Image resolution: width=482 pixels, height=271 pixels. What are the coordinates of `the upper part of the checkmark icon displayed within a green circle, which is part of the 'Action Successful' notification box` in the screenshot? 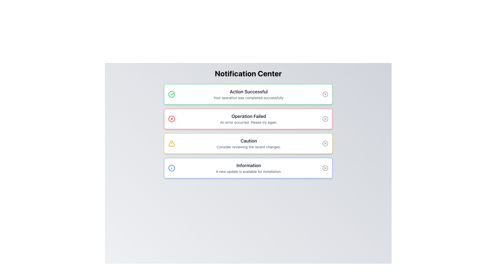 It's located at (172, 94).